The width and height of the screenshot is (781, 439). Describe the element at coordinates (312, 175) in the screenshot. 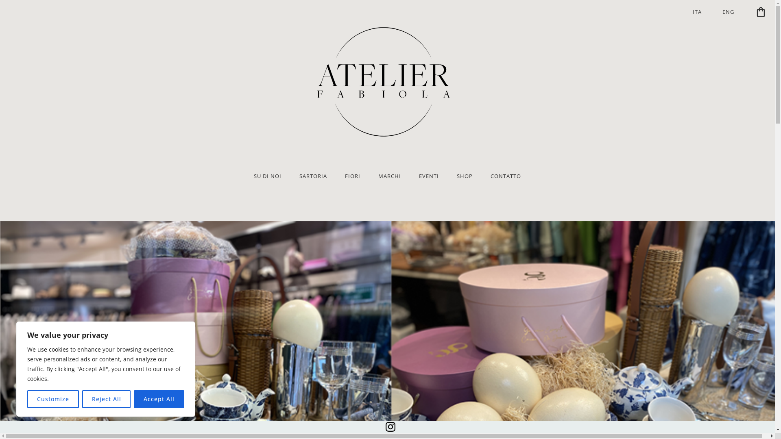

I see `'SARTORIA'` at that location.